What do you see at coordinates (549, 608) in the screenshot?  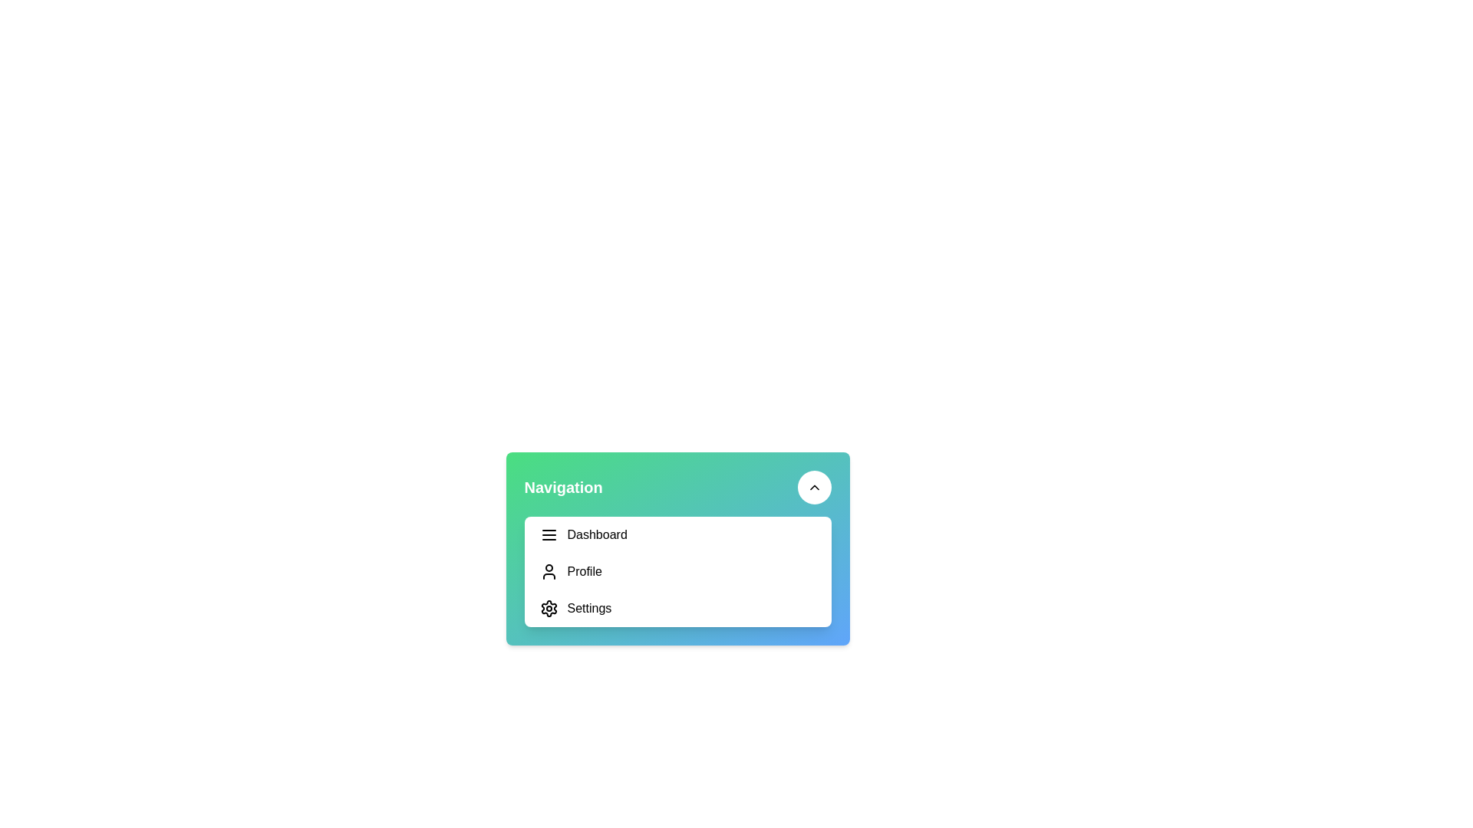 I see `the cogwheel-shaped icon associated with settings, located next to the 'Settings' option in the navigation menu at the bottom of the list` at bounding box center [549, 608].